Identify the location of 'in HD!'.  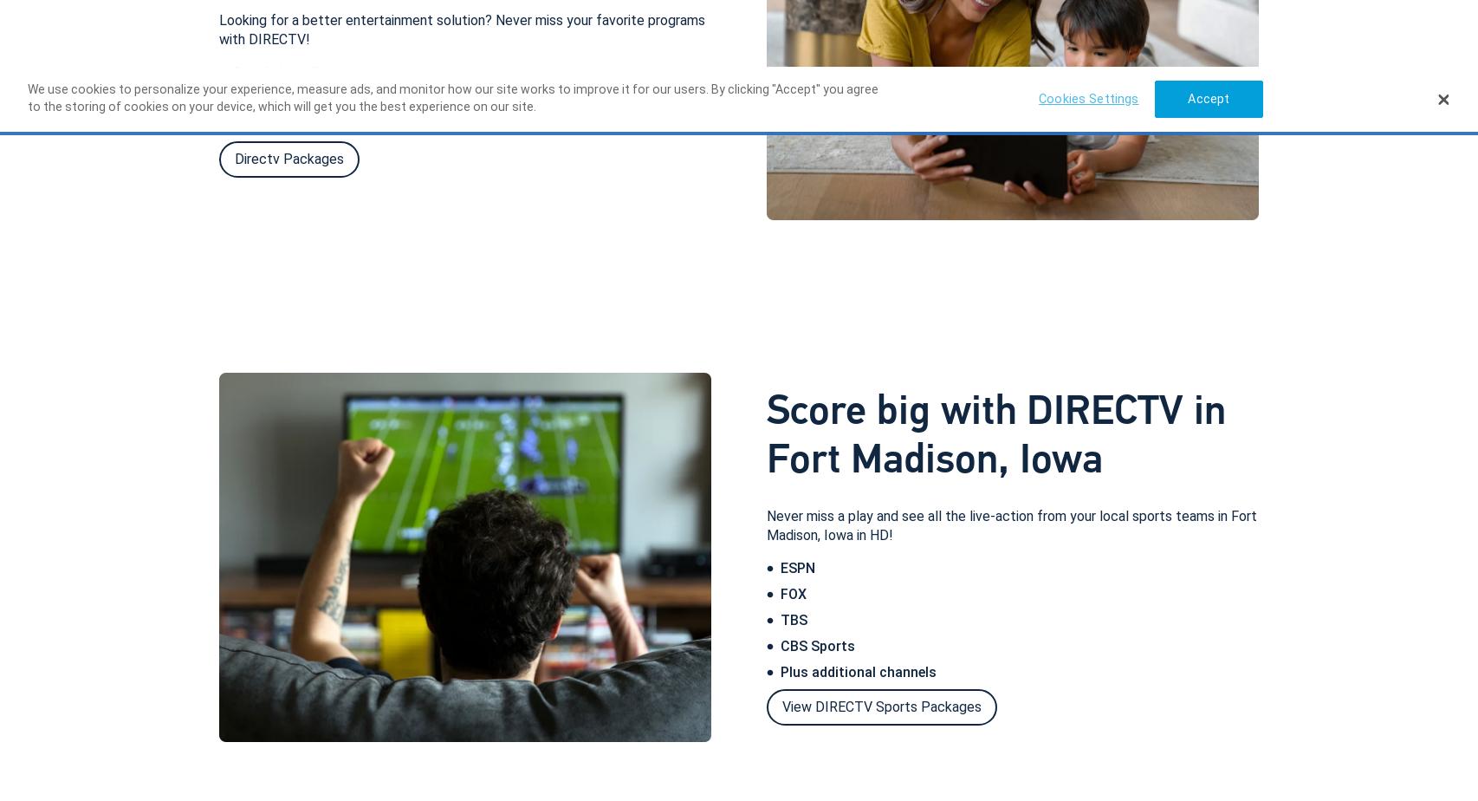
(873, 534).